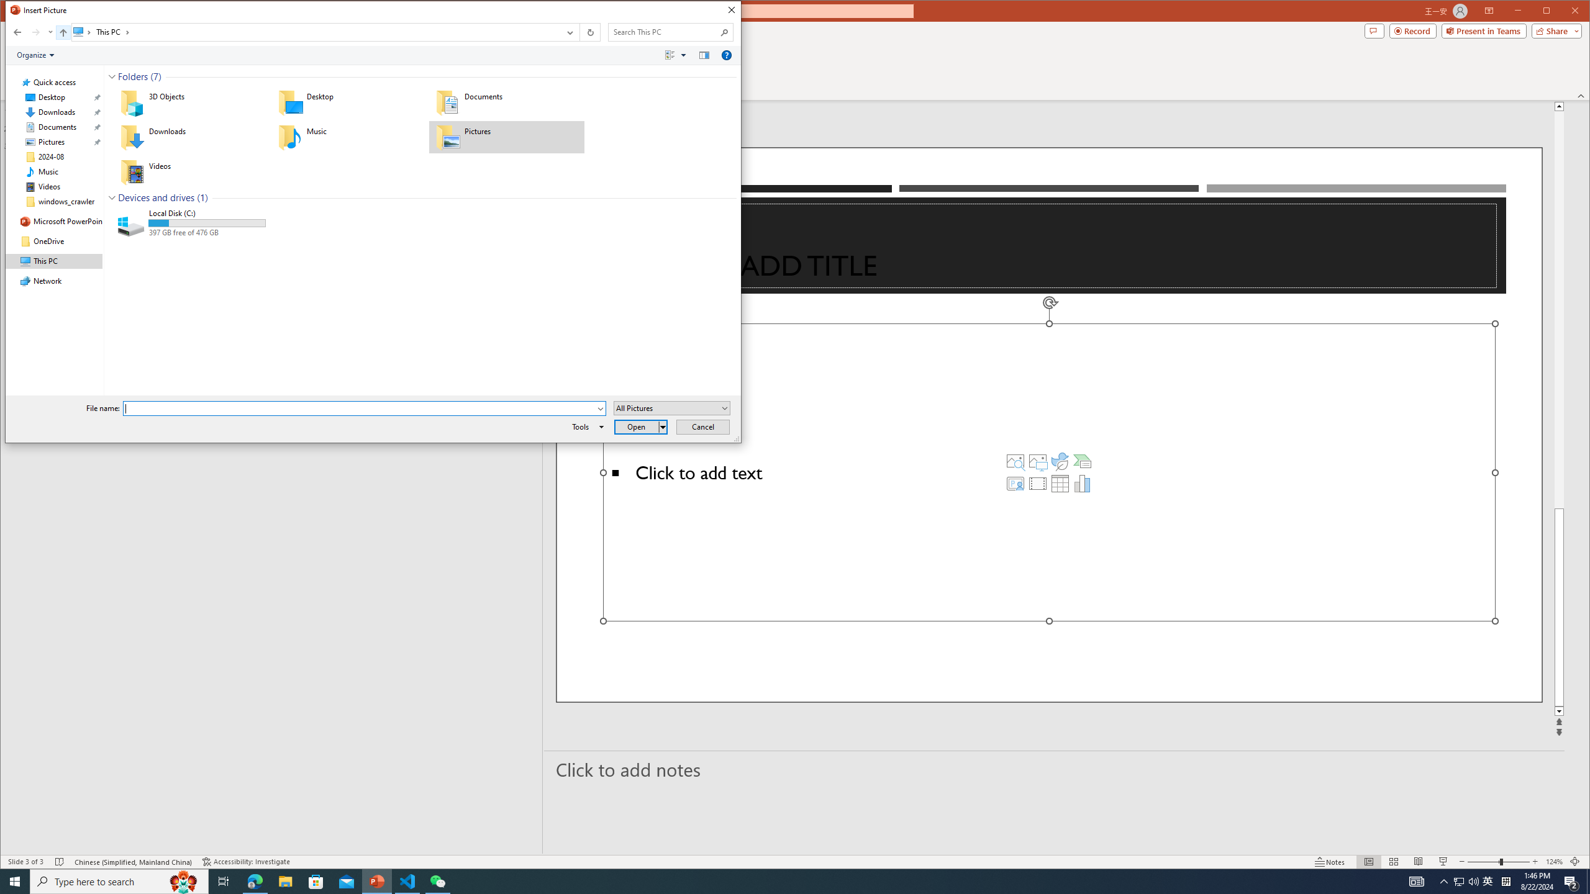 The image size is (1590, 894). What do you see at coordinates (315, 32) in the screenshot?
I see `'Address: This PC'` at bounding box center [315, 32].